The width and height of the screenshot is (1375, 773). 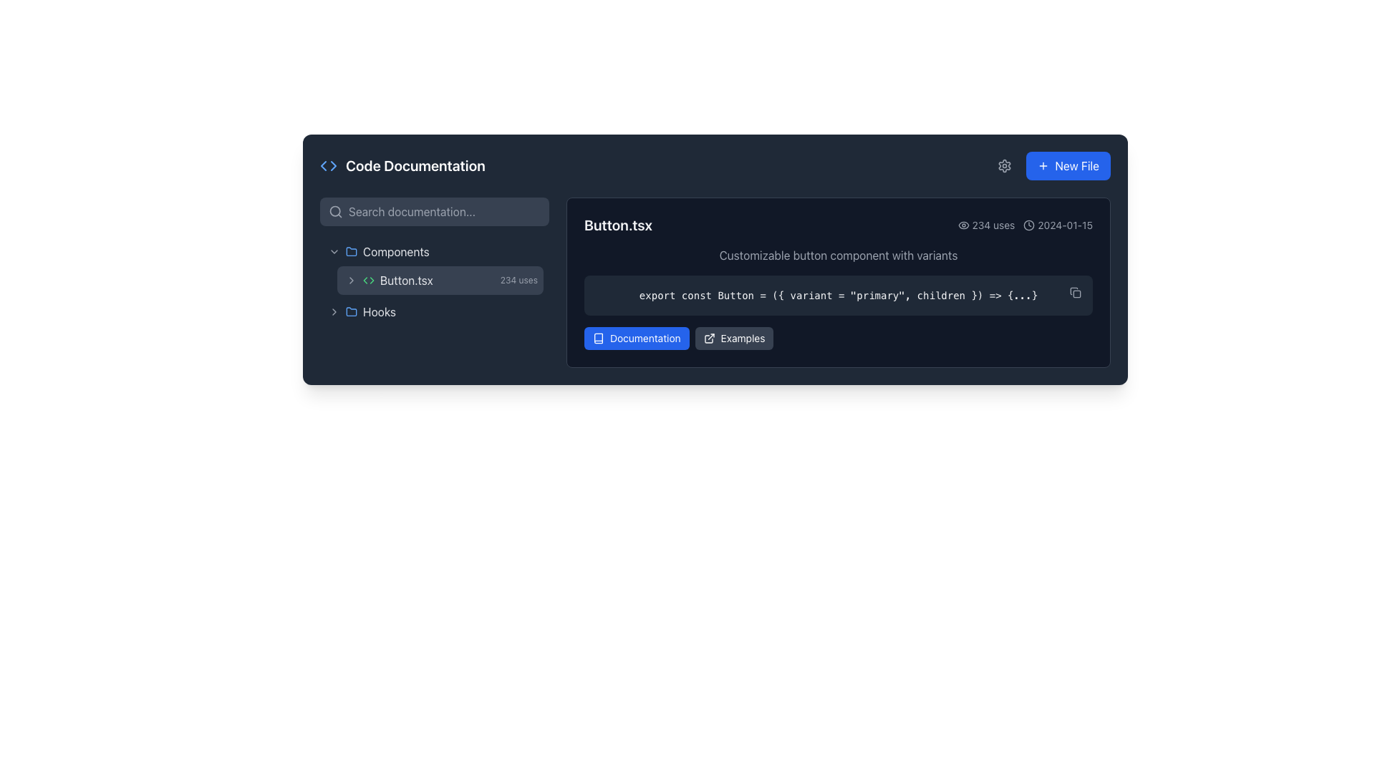 What do you see at coordinates (1028, 225) in the screenshot?
I see `the SVG circle element of the clock icon located at the top-right corner of the panel` at bounding box center [1028, 225].